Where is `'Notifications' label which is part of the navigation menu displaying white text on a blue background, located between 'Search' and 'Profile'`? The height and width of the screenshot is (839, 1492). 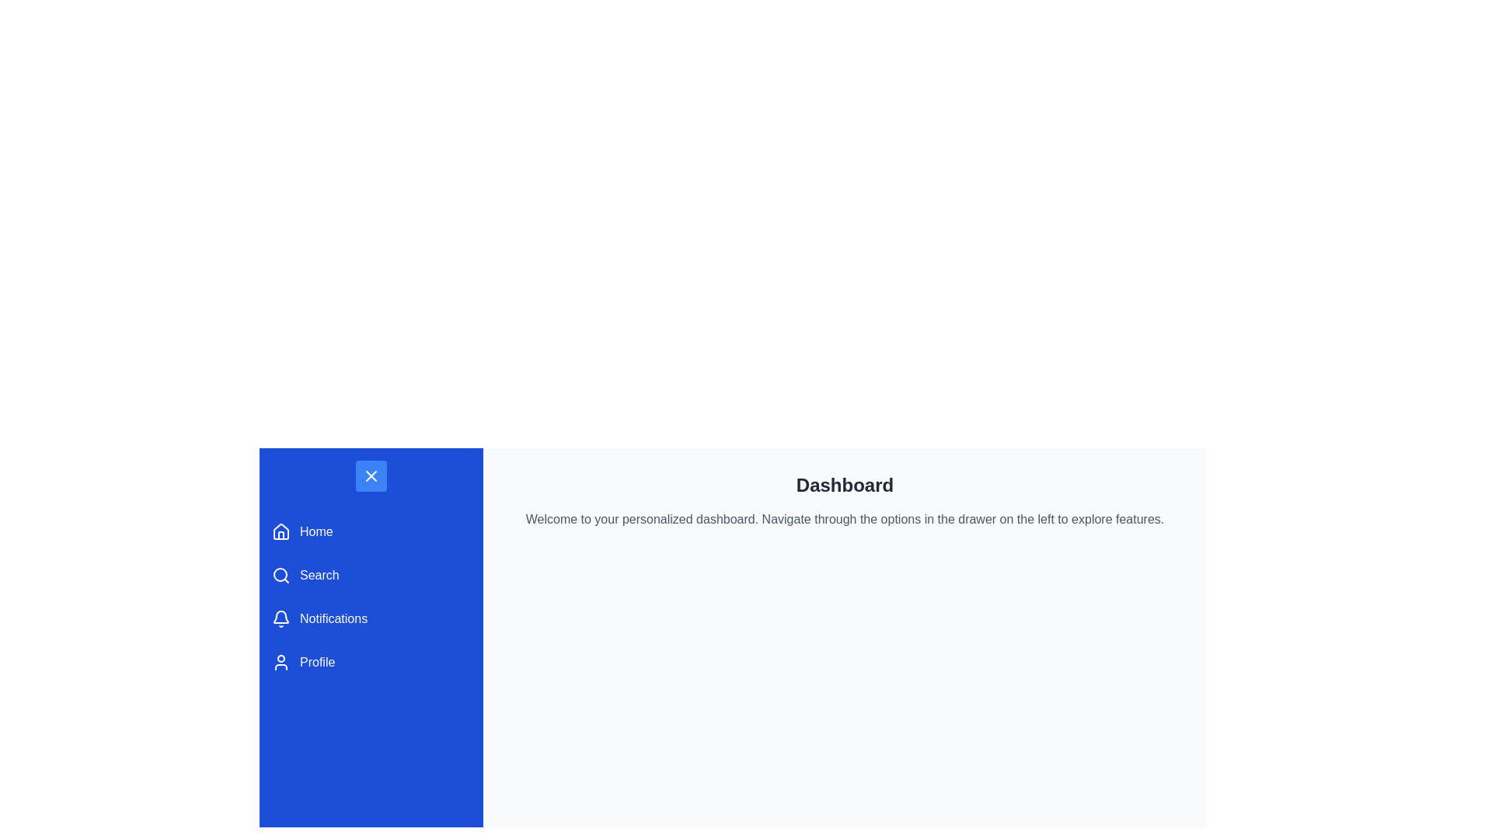 'Notifications' label which is part of the navigation menu displaying white text on a blue background, located between 'Search' and 'Profile' is located at coordinates (333, 618).